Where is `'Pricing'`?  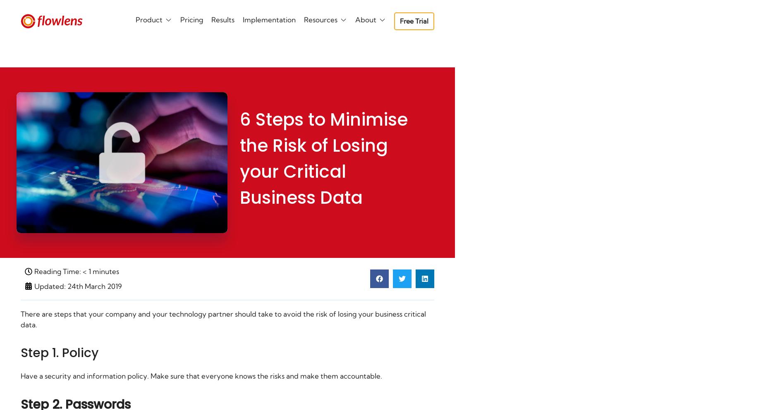 'Pricing' is located at coordinates (191, 19).